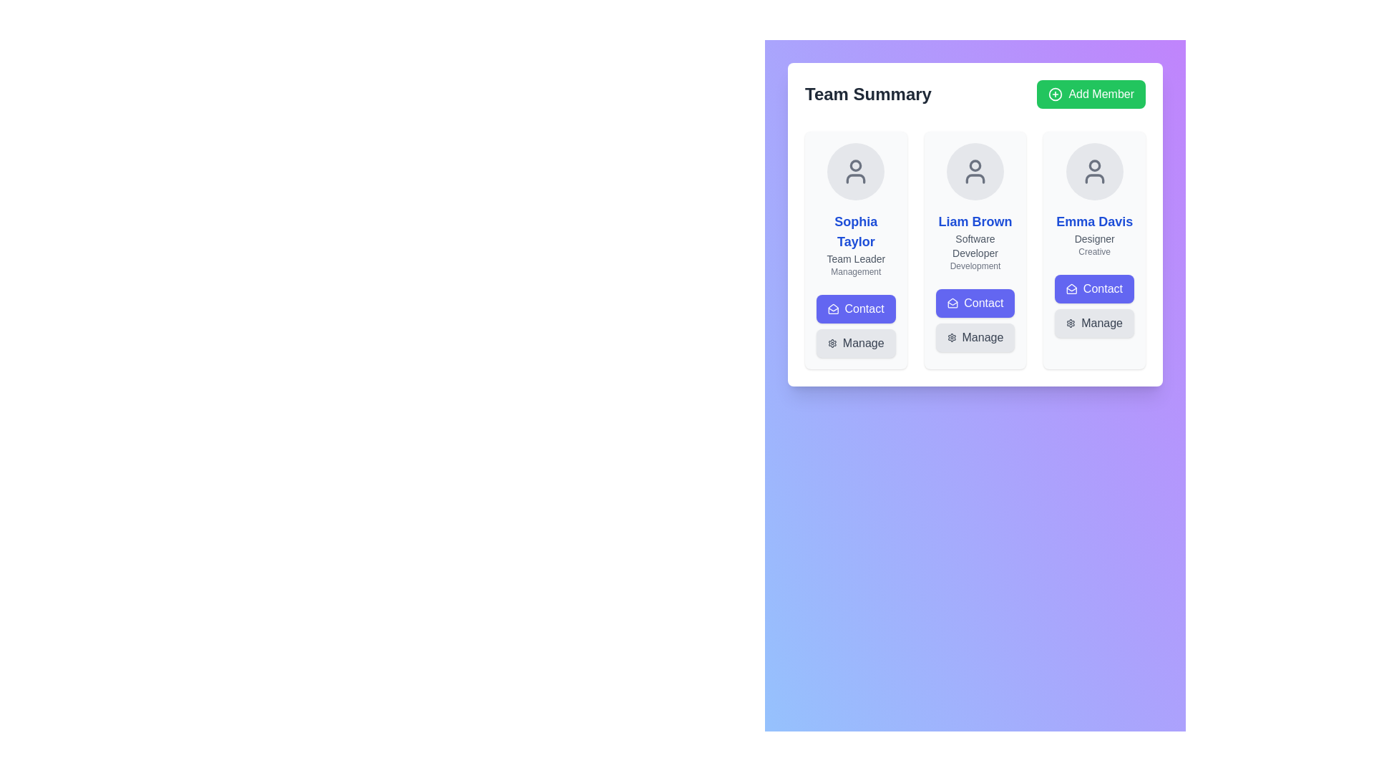  Describe the element at coordinates (1093, 306) in the screenshot. I see `the 'Contact' and 'Manage' buttons in the 'Emma Davis' profile card` at that location.